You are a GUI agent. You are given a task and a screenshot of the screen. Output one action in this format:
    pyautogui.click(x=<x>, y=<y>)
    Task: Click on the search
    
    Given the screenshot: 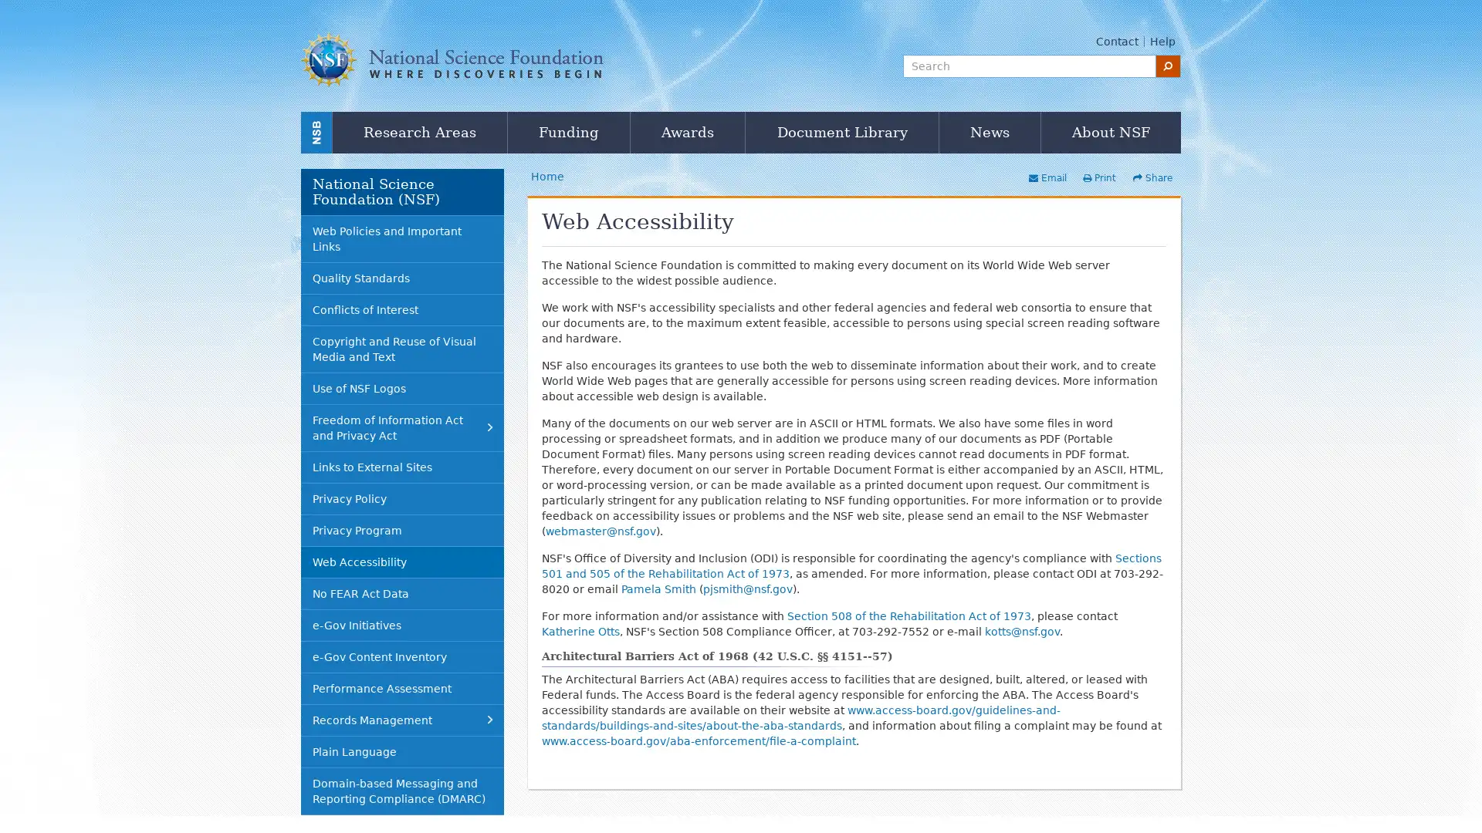 What is the action you would take?
    pyautogui.click(x=1168, y=65)
    